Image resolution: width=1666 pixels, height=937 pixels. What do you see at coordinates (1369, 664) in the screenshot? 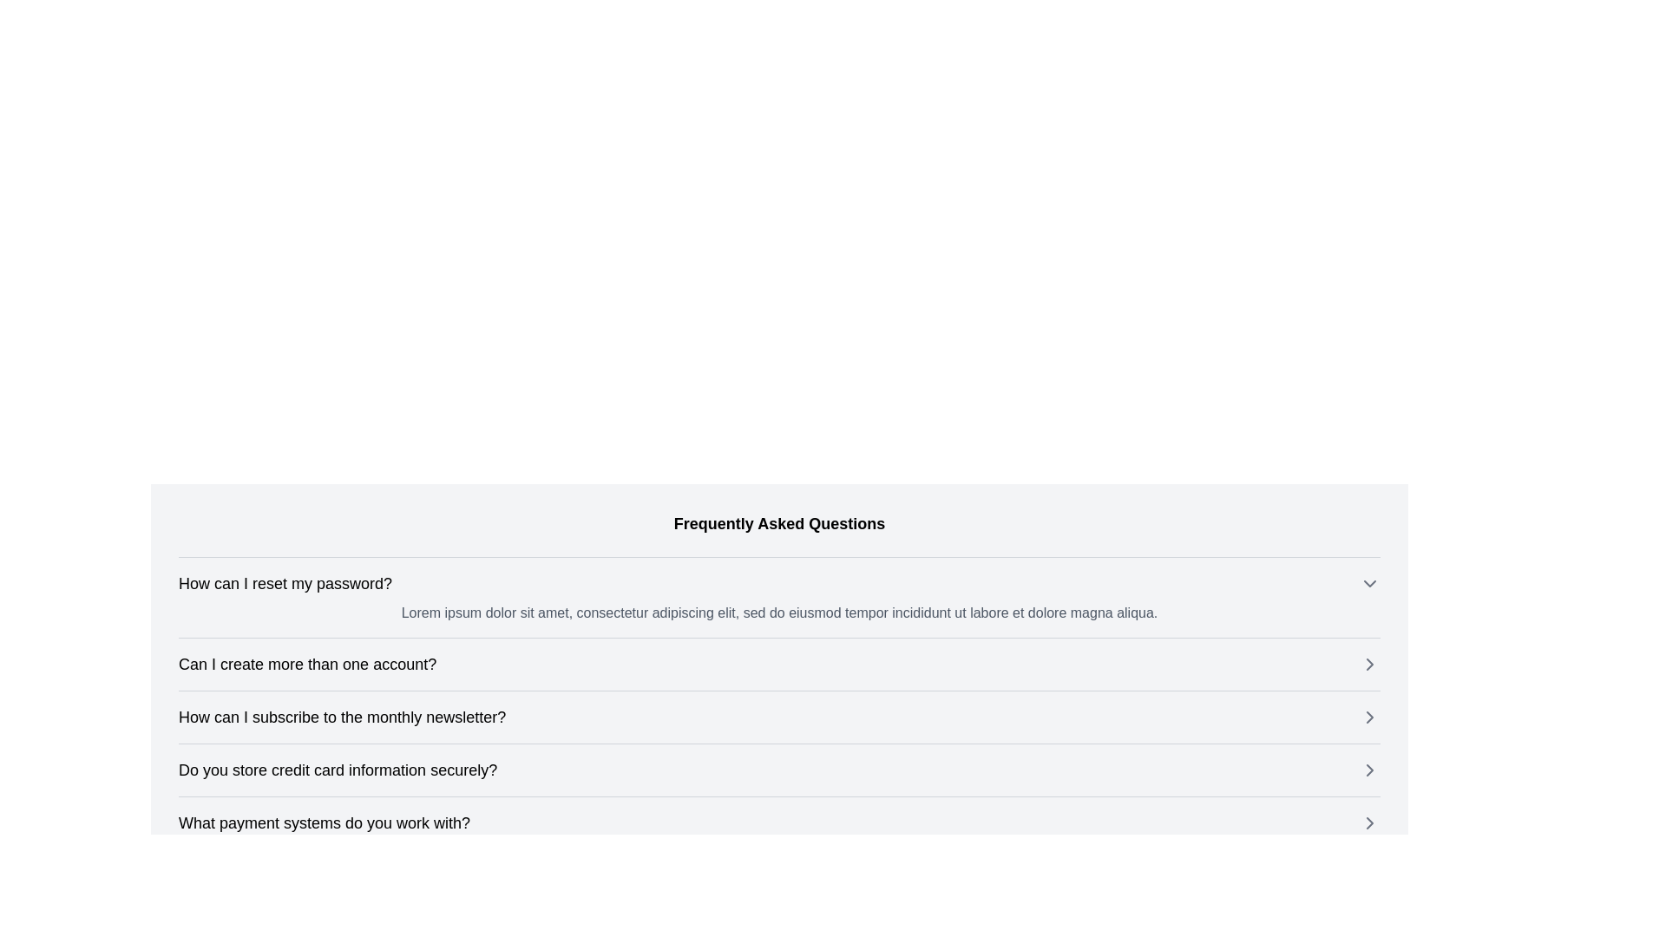
I see `the chevron icon located at the far right of the list item labeled 'Can I create more than one account?'` at bounding box center [1369, 664].